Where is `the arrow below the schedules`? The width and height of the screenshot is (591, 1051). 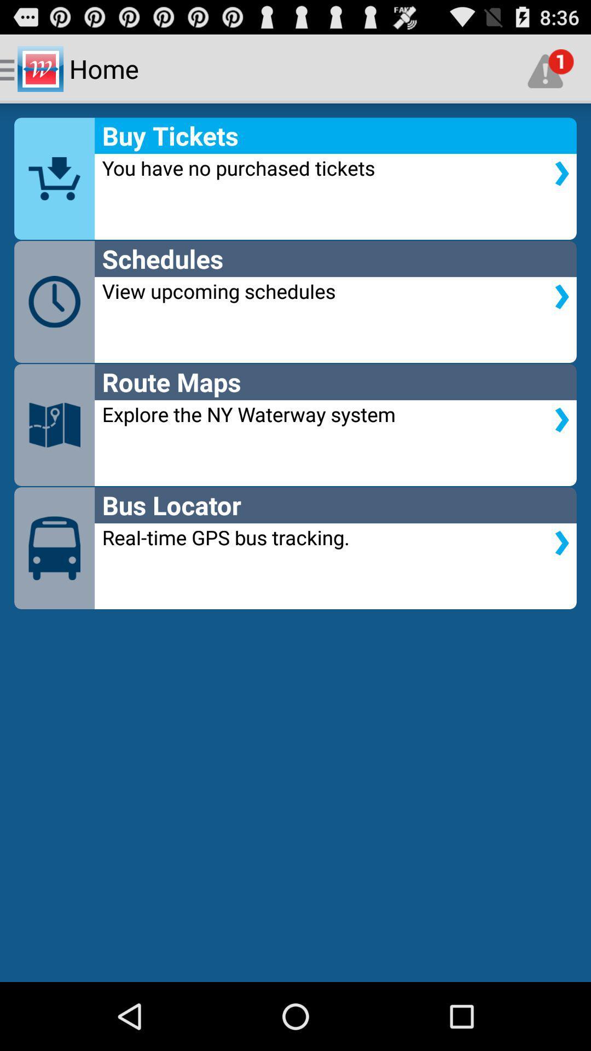
the arrow below the schedules is located at coordinates (561, 297).